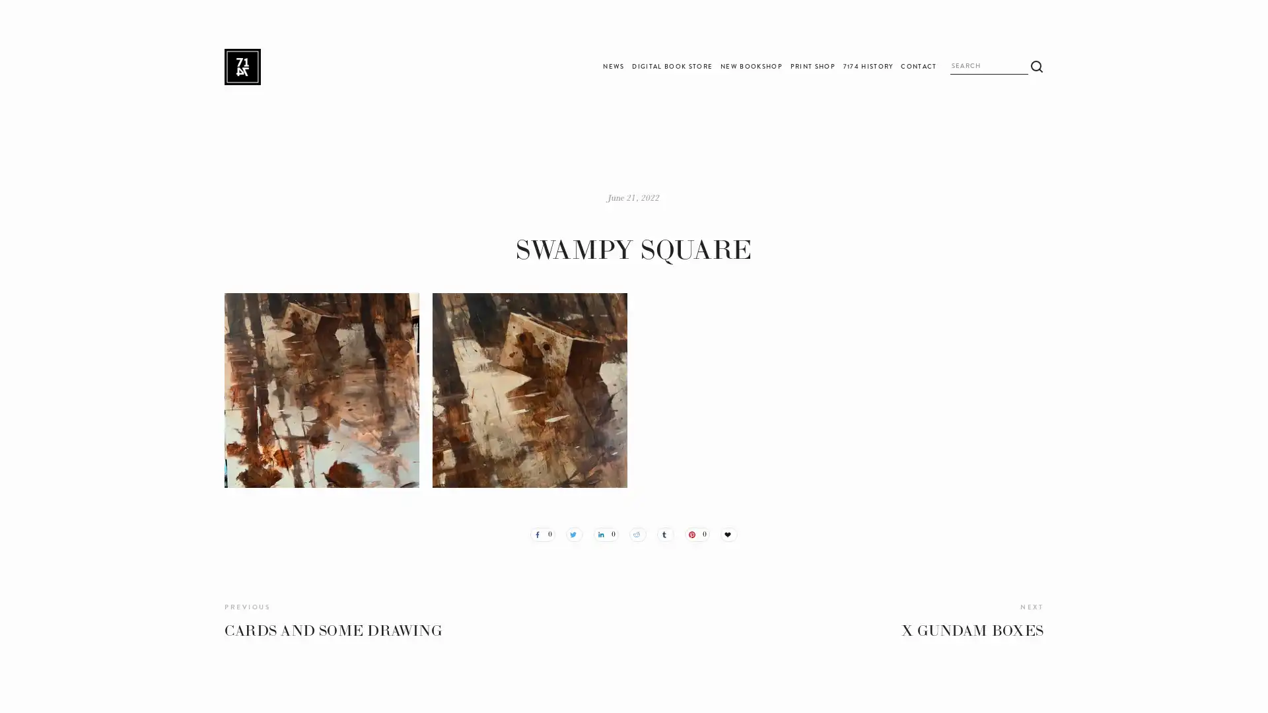 The image size is (1268, 713). Describe the element at coordinates (822, 245) in the screenshot. I see `Close` at that location.